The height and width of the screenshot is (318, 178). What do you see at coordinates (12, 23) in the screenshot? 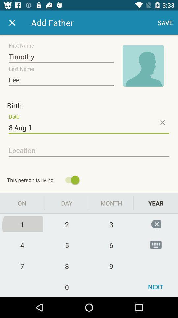
I see `cancel button` at bounding box center [12, 23].